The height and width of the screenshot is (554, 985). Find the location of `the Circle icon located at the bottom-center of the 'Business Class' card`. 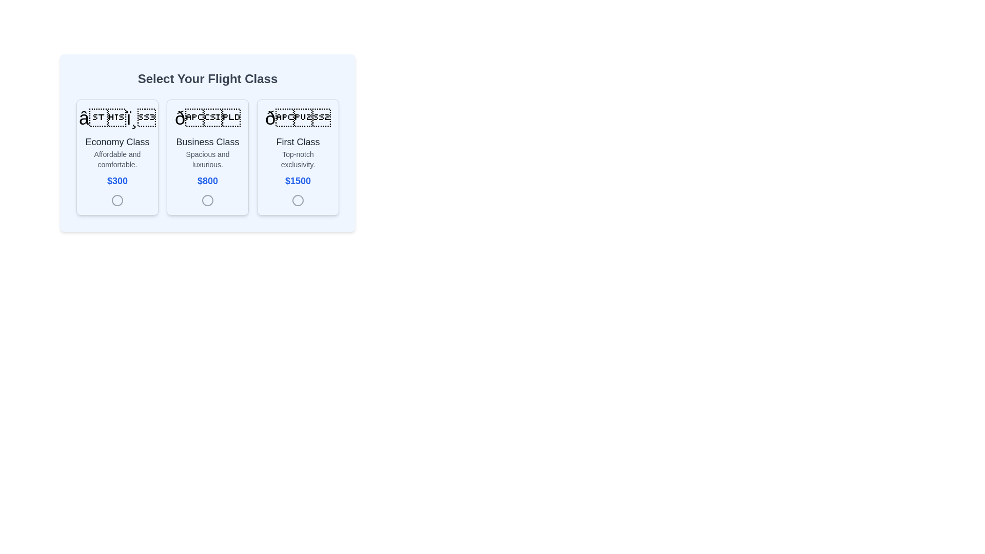

the Circle icon located at the bottom-center of the 'Business Class' card is located at coordinates (207, 200).